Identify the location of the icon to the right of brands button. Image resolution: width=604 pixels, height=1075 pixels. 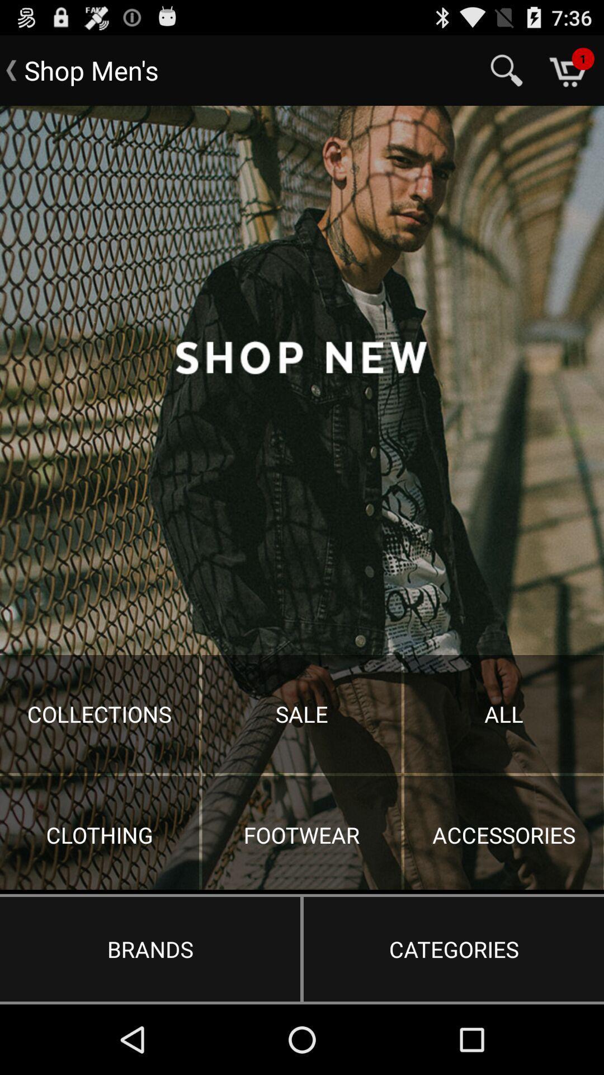
(454, 948).